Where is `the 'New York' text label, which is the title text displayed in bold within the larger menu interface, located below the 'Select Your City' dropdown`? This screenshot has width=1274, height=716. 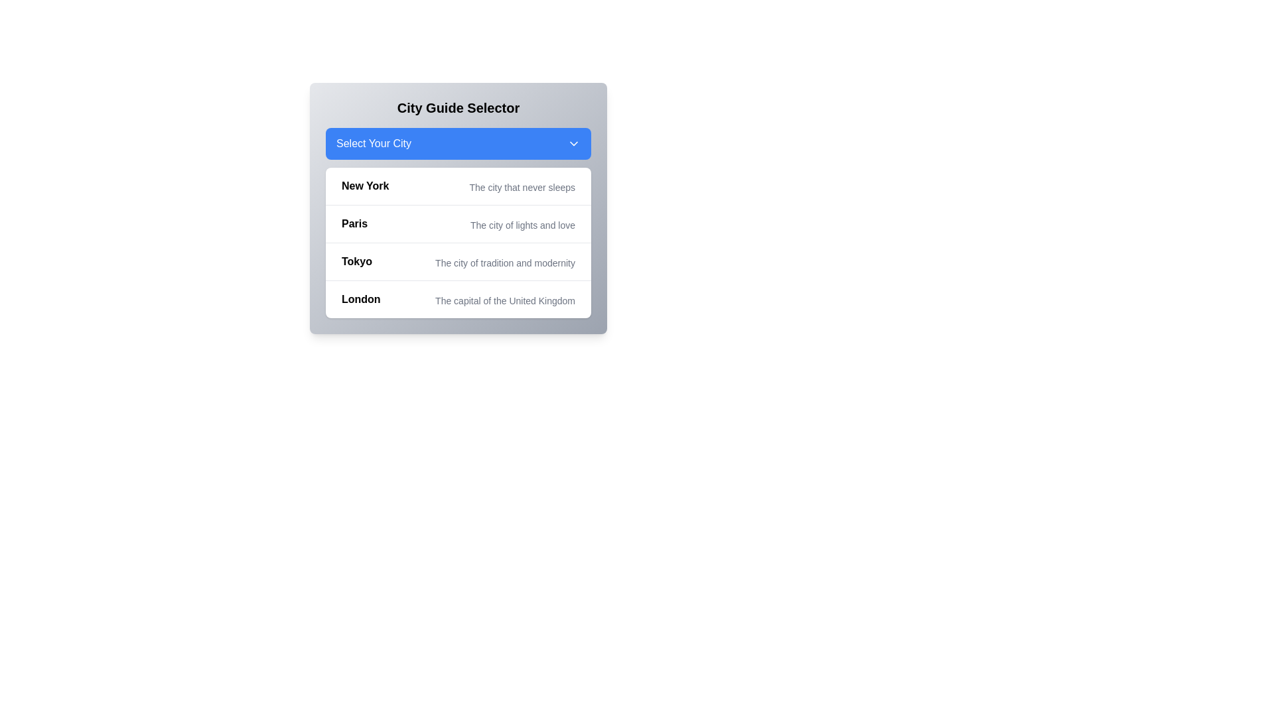
the 'New York' text label, which is the title text displayed in bold within the larger menu interface, located below the 'Select Your City' dropdown is located at coordinates (365, 186).